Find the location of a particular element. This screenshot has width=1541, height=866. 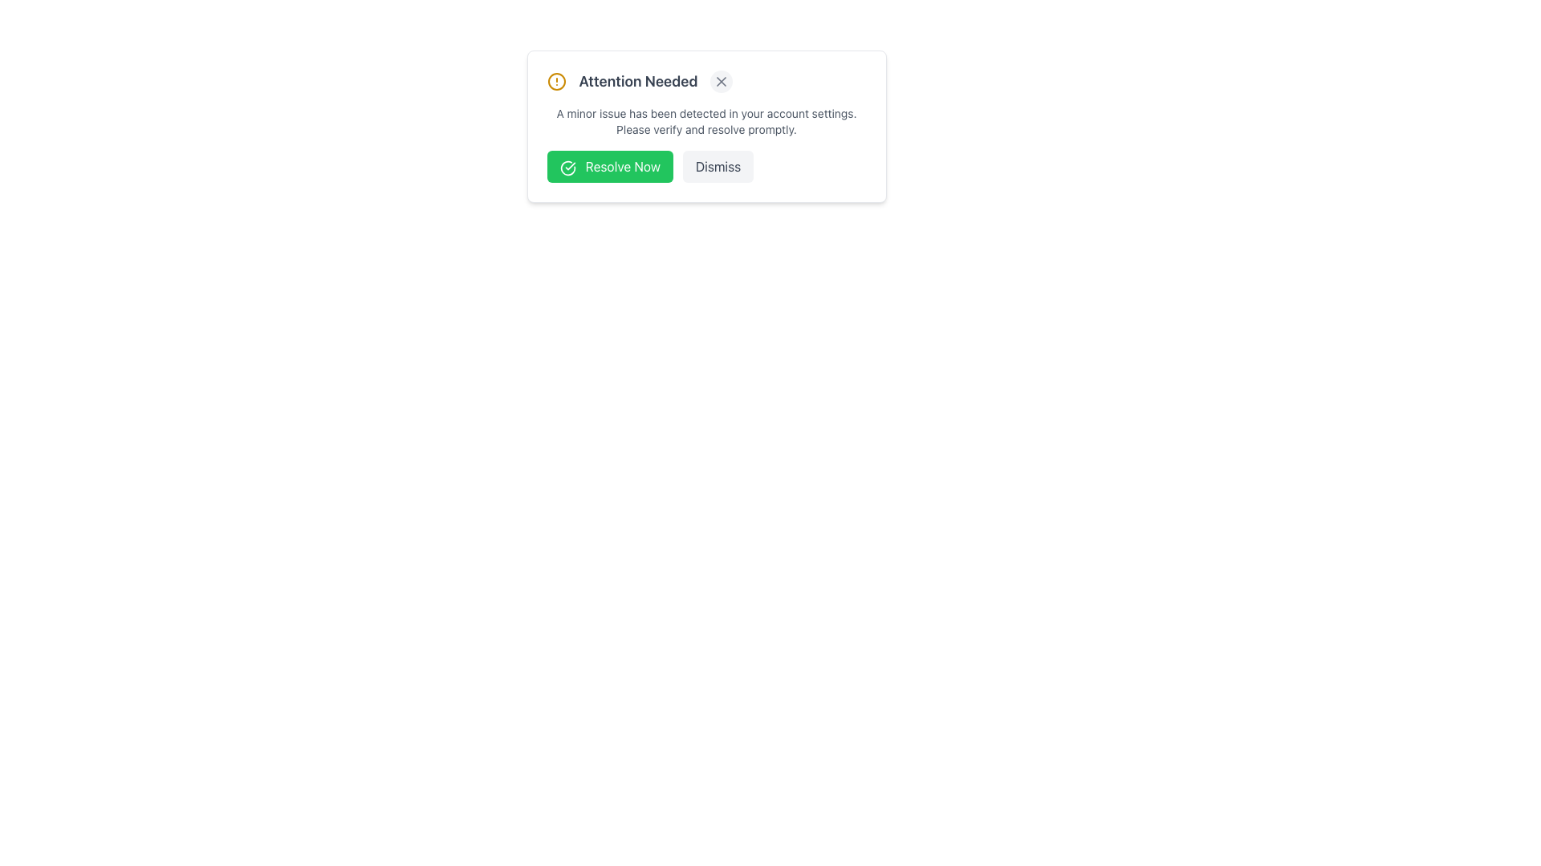

the yellow circular SVG element that is part of the warning icon associated with the text 'Attention Needed' is located at coordinates (556, 81).